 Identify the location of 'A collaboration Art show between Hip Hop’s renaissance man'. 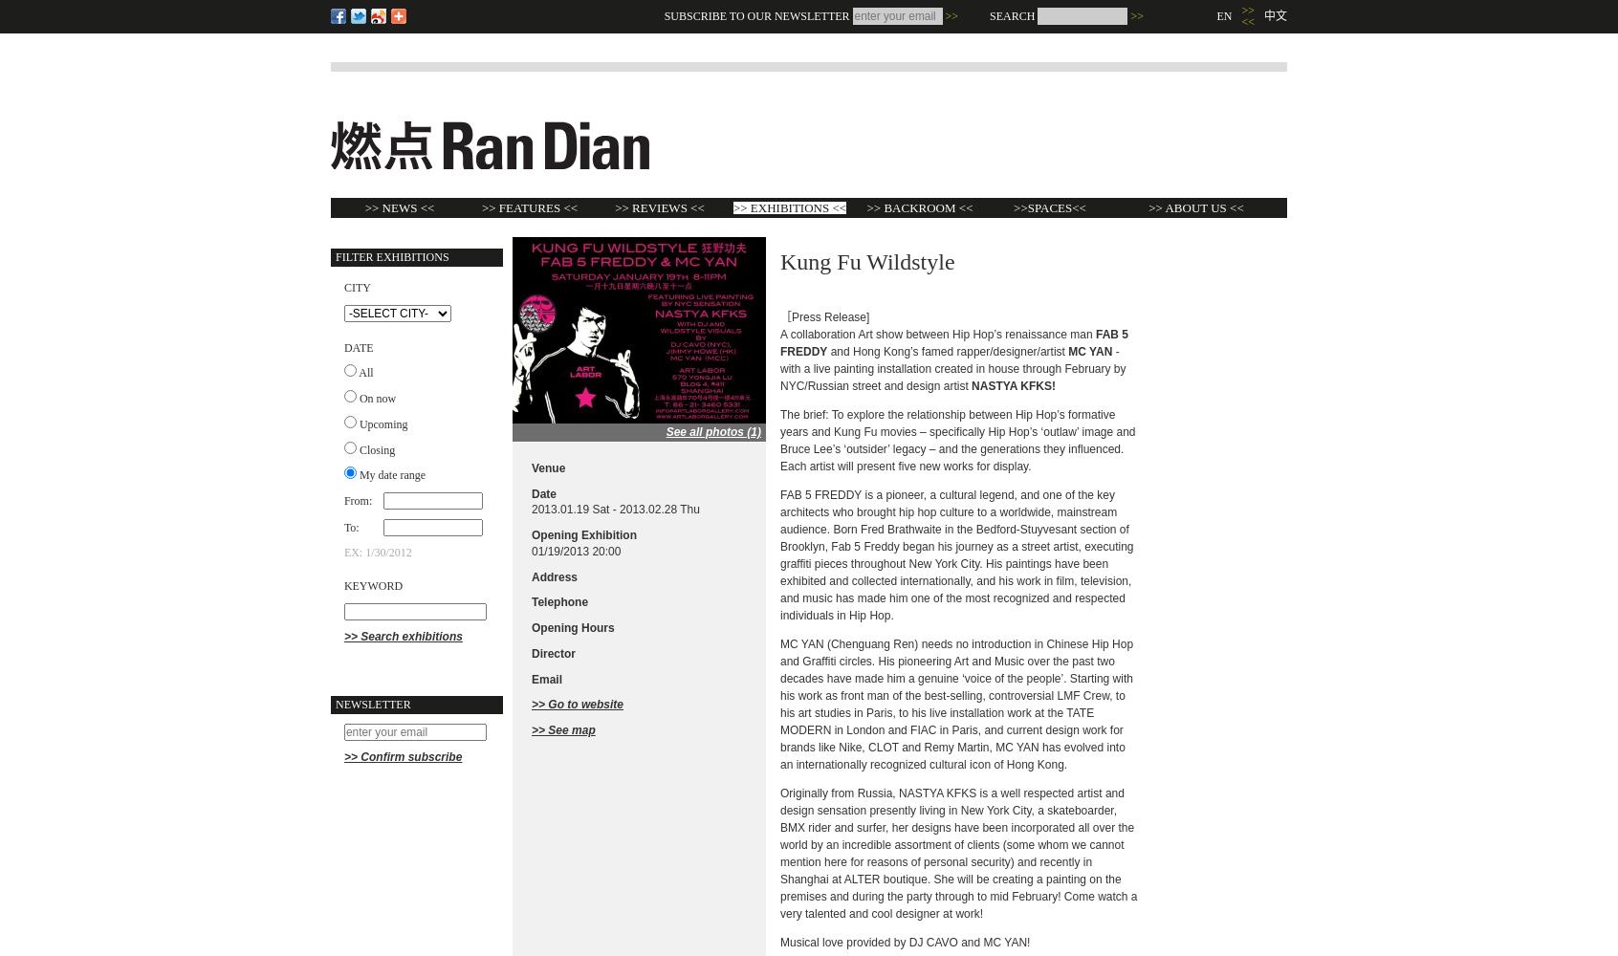
(937, 333).